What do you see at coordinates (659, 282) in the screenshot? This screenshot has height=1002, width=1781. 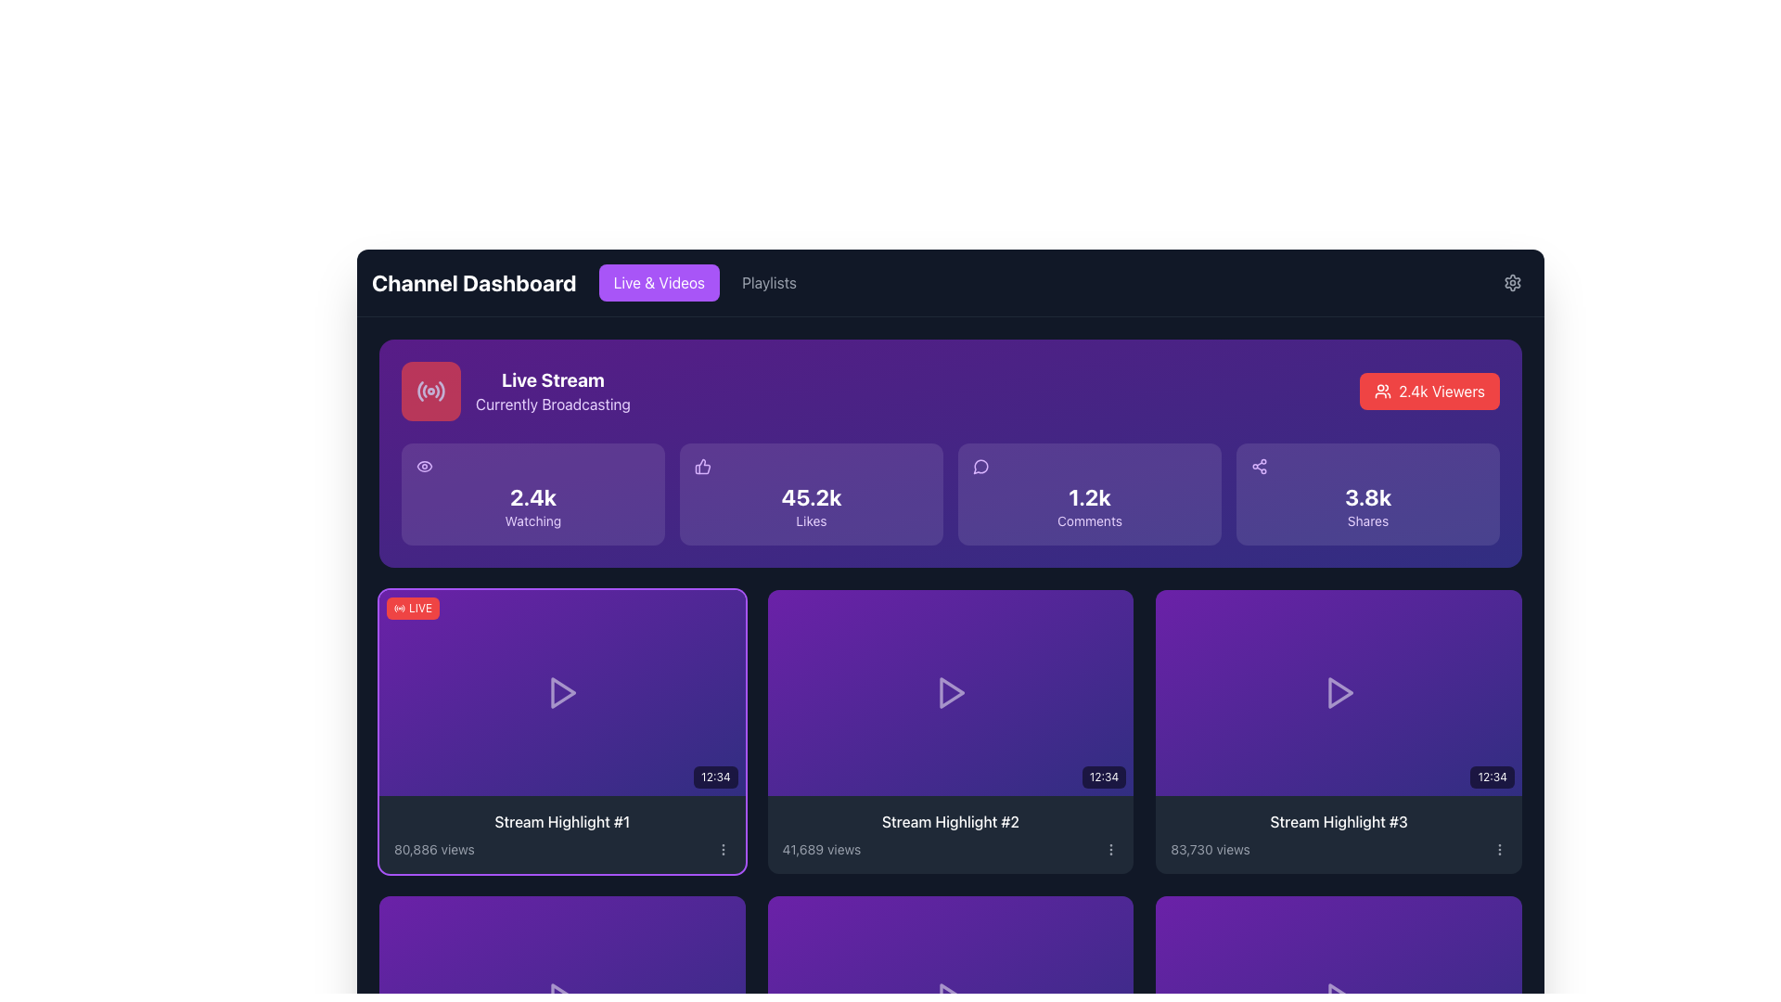 I see `the navigation button labeled 'Live & Videos'` at bounding box center [659, 282].